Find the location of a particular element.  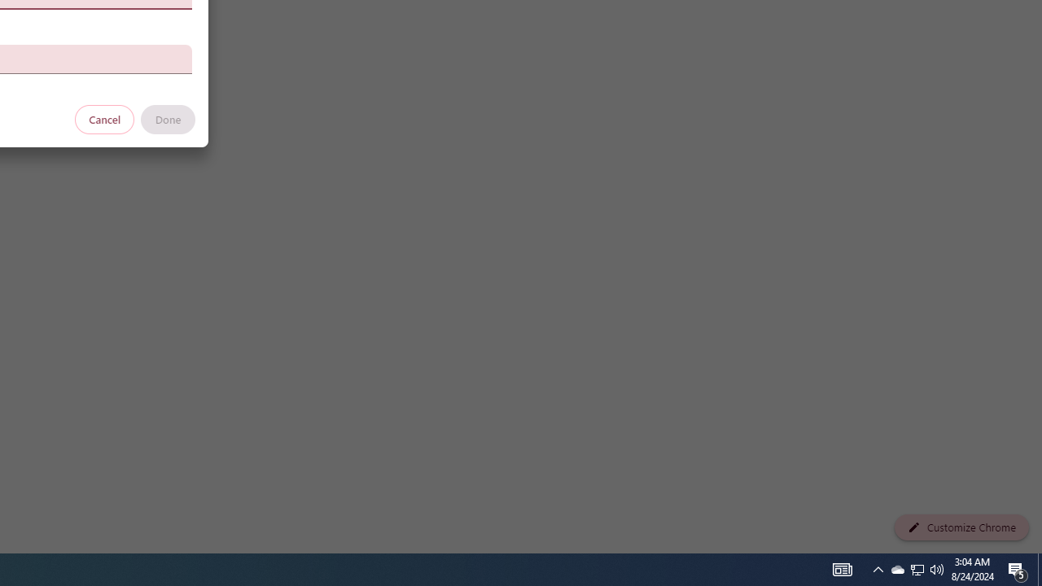

'Cancel' is located at coordinates (104, 118).